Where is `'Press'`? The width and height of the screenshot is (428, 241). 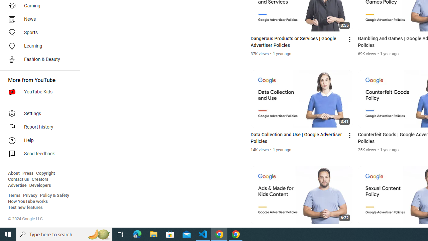 'Press' is located at coordinates (27, 173).